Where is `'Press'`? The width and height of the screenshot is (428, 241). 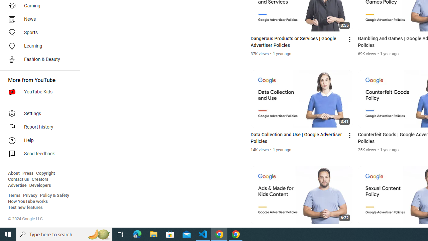 'Press' is located at coordinates (27, 173).